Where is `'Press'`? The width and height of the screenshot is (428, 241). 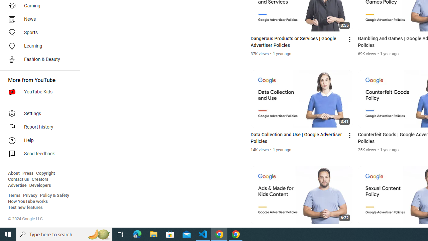 'Press' is located at coordinates (27, 173).